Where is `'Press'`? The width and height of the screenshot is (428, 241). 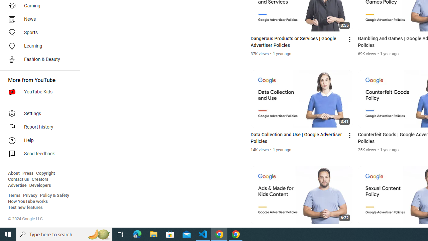 'Press' is located at coordinates (27, 173).